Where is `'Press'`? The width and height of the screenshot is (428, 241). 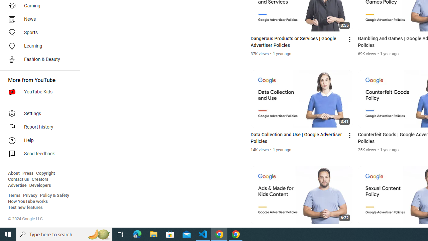 'Press' is located at coordinates (27, 173).